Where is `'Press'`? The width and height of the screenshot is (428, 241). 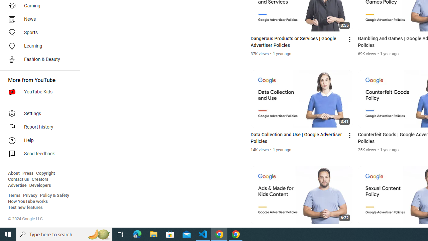 'Press' is located at coordinates (27, 173).